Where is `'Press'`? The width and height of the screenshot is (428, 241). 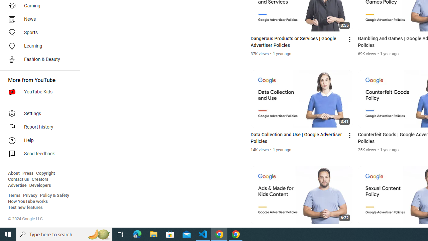 'Press' is located at coordinates (27, 173).